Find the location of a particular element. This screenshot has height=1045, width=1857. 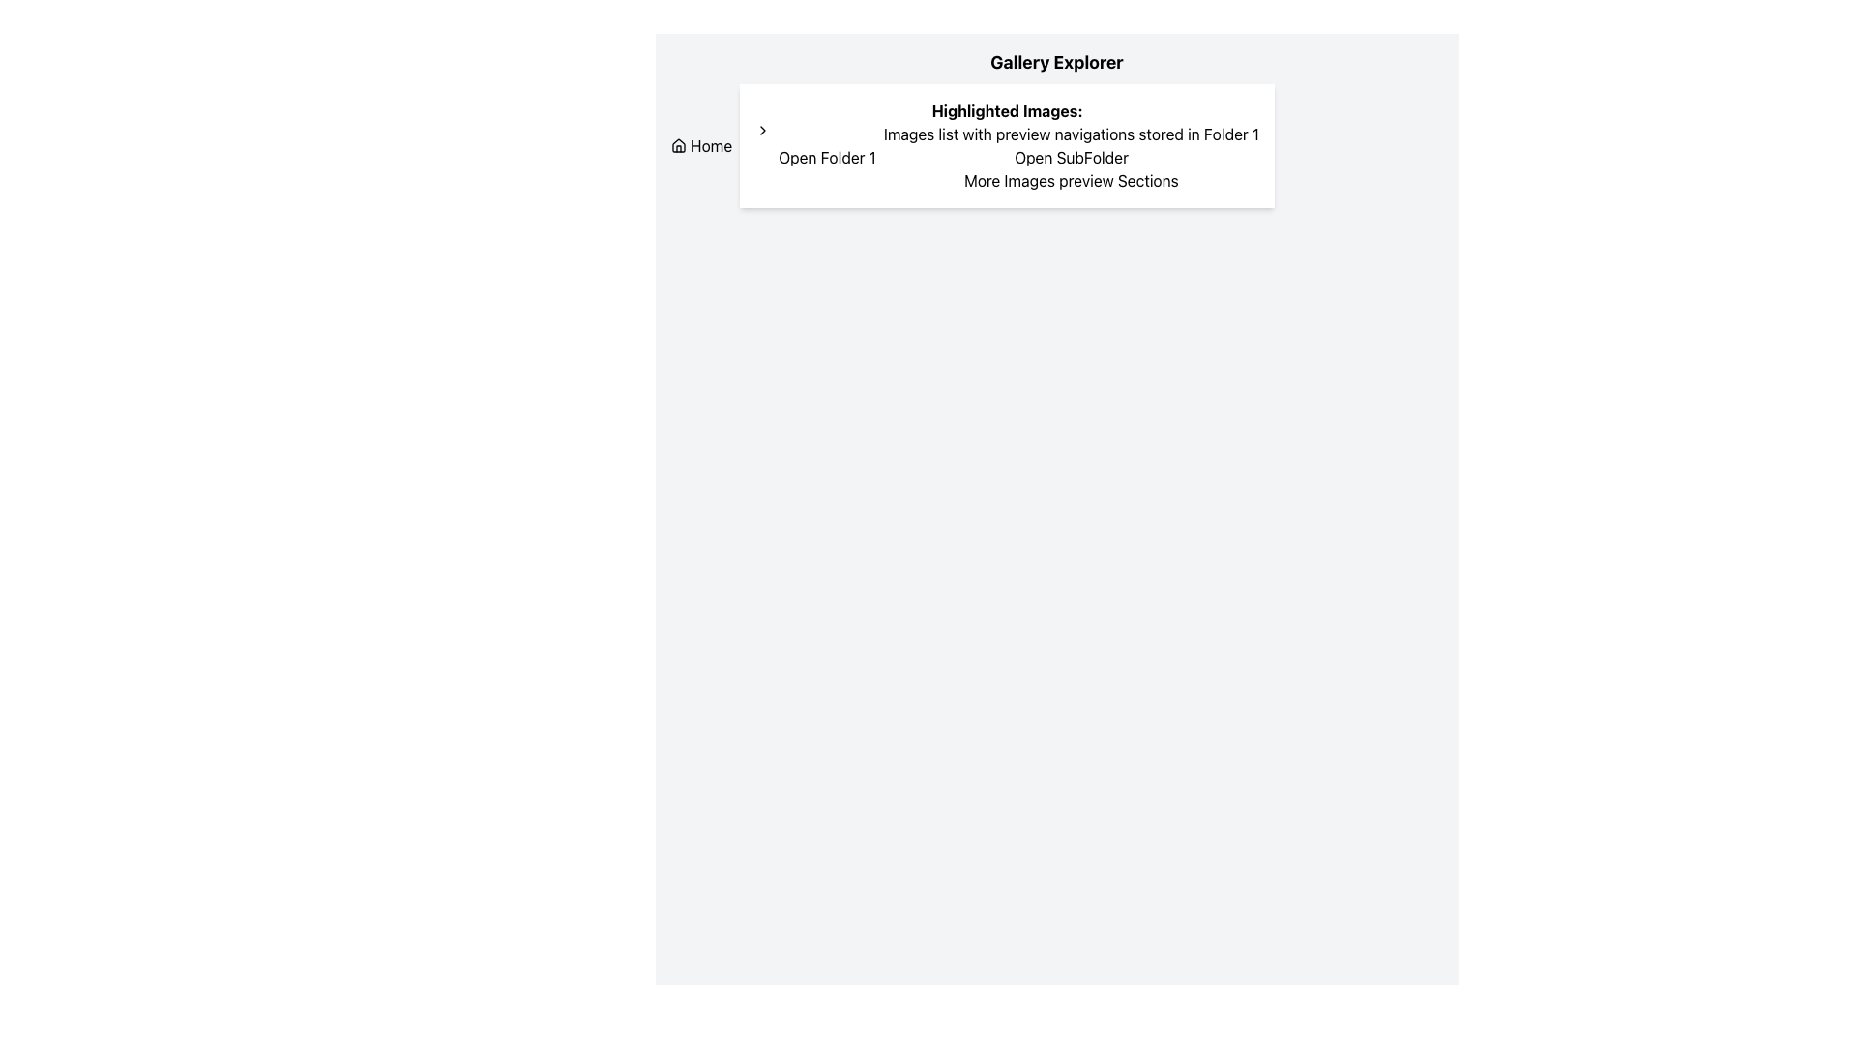

textual information from the composite UI component that includes a summary and navigation options positioned towards the upper center of the interface is located at coordinates (1071, 156).